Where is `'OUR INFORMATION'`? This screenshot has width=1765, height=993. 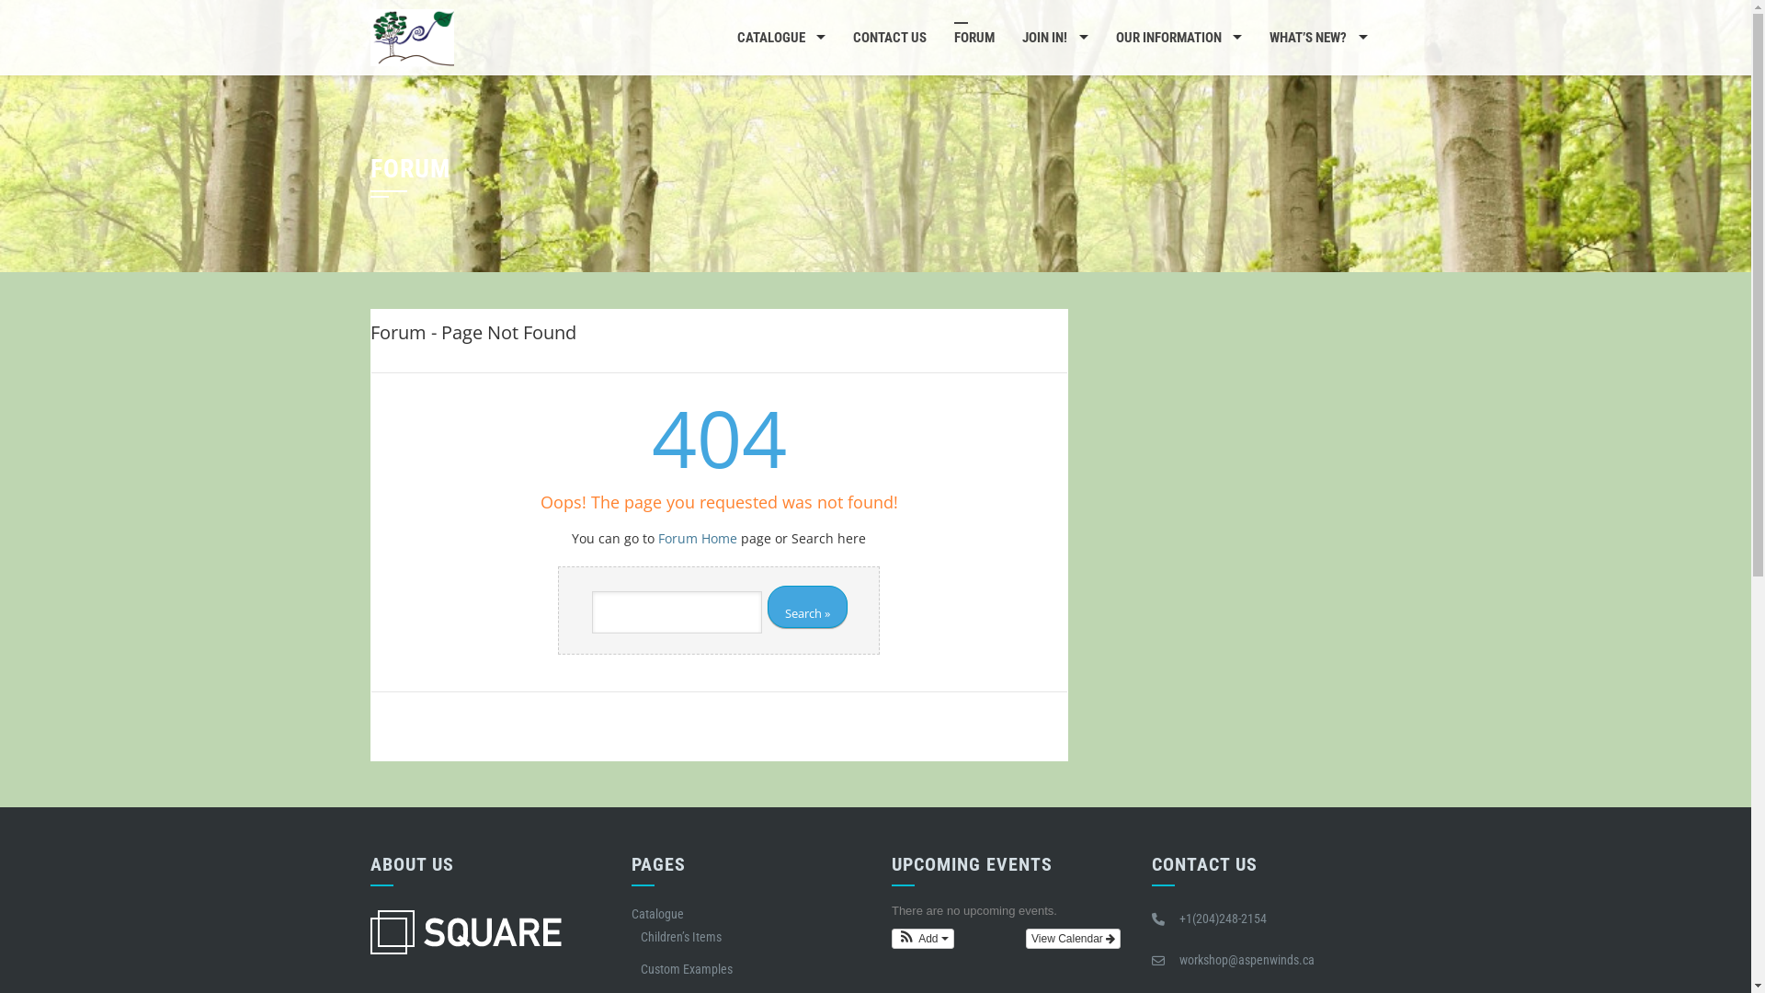 'OUR INFORMATION' is located at coordinates (1178, 38).